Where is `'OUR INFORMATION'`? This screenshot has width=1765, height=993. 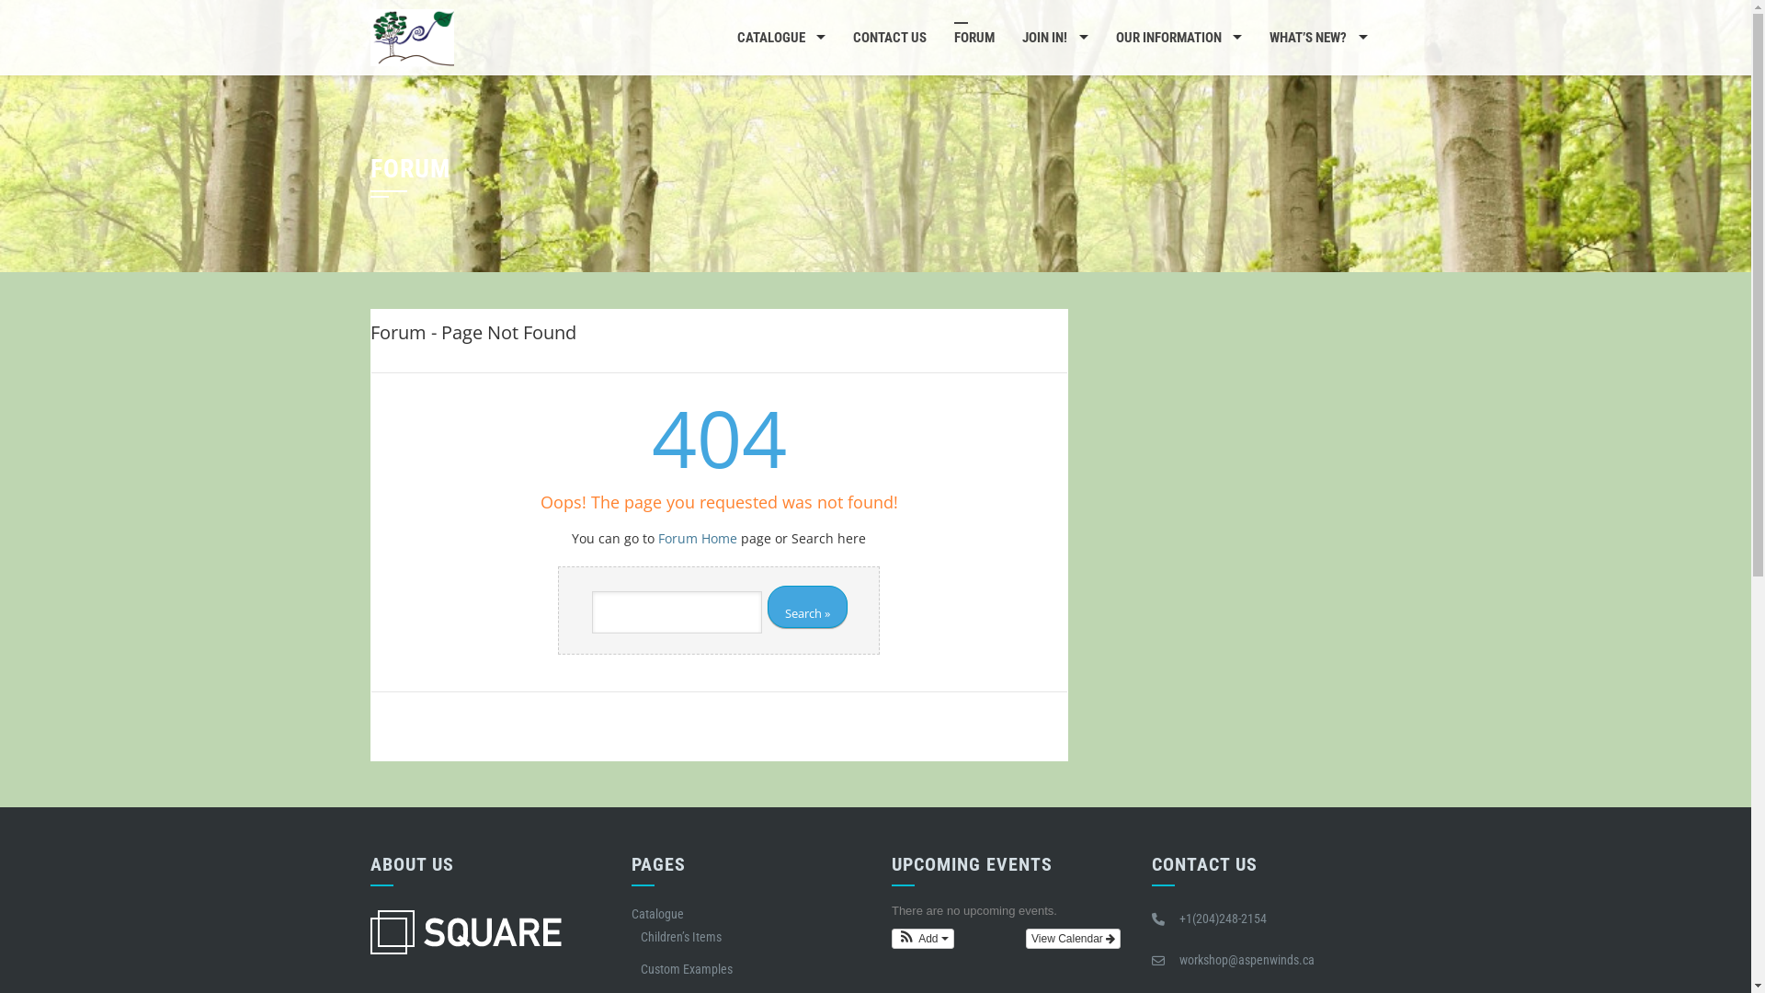 'OUR INFORMATION' is located at coordinates (1178, 38).